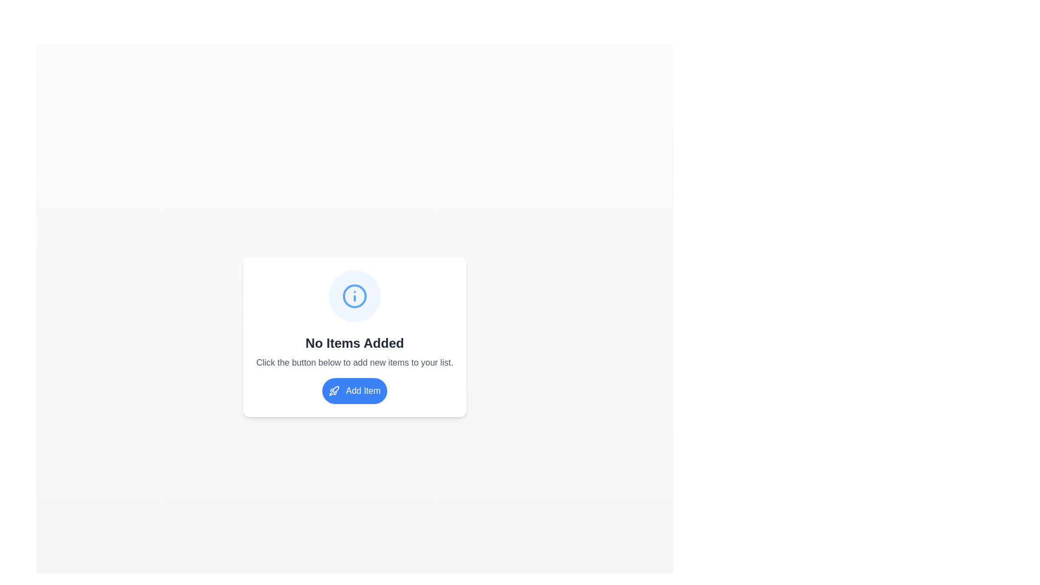 This screenshot has width=1040, height=585. Describe the element at coordinates (335, 389) in the screenshot. I see `the blue and white rocket trajectory icon within the 'Add Item' button, located below the text 'No Items Added'` at that location.